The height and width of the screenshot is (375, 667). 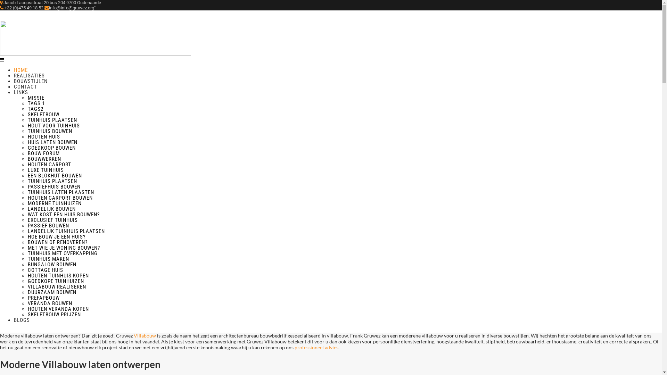 I want to click on 'VERANDA BOUWEN', so click(x=50, y=303).